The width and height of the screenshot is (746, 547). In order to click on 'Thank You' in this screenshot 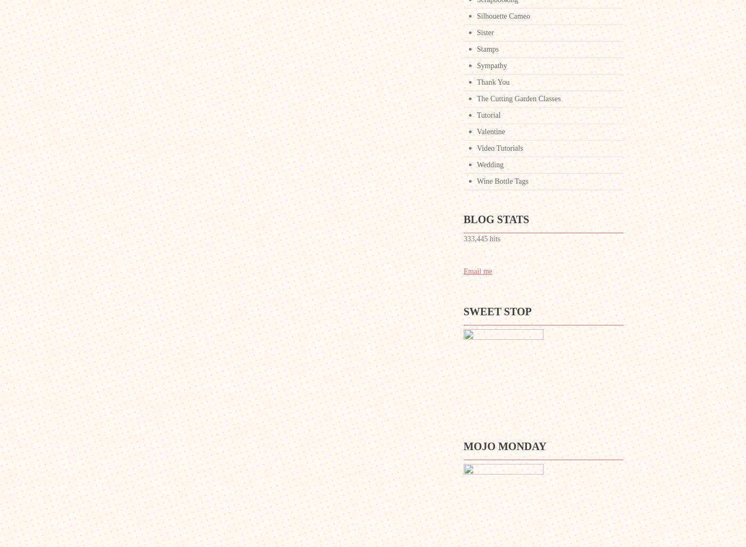, I will do `click(493, 82)`.